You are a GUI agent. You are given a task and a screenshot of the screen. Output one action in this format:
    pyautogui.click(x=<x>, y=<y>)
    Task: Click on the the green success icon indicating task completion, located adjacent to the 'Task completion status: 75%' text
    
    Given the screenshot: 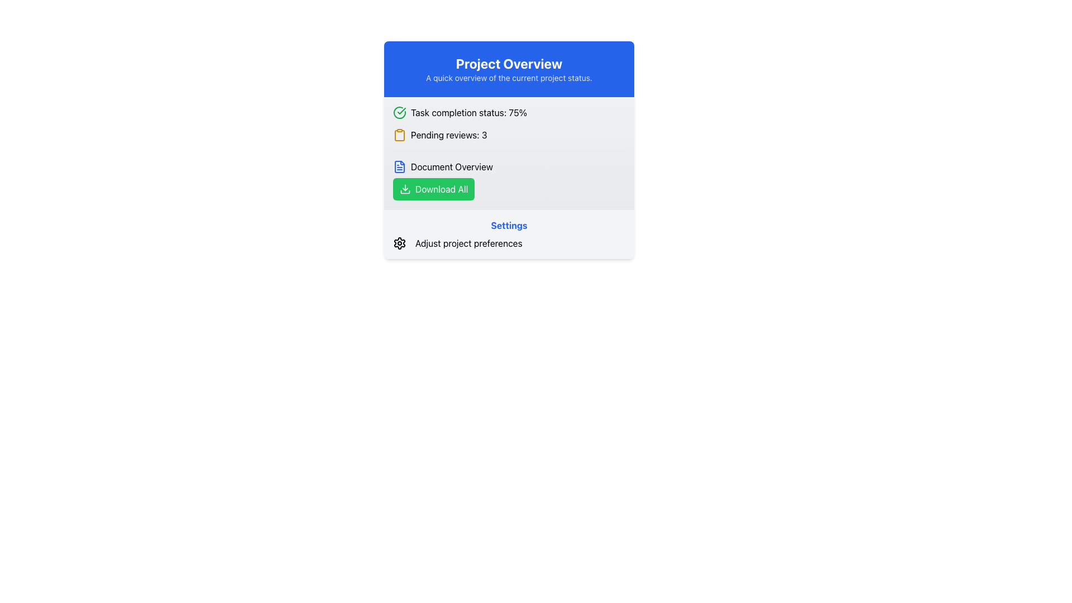 What is the action you would take?
    pyautogui.click(x=401, y=111)
    